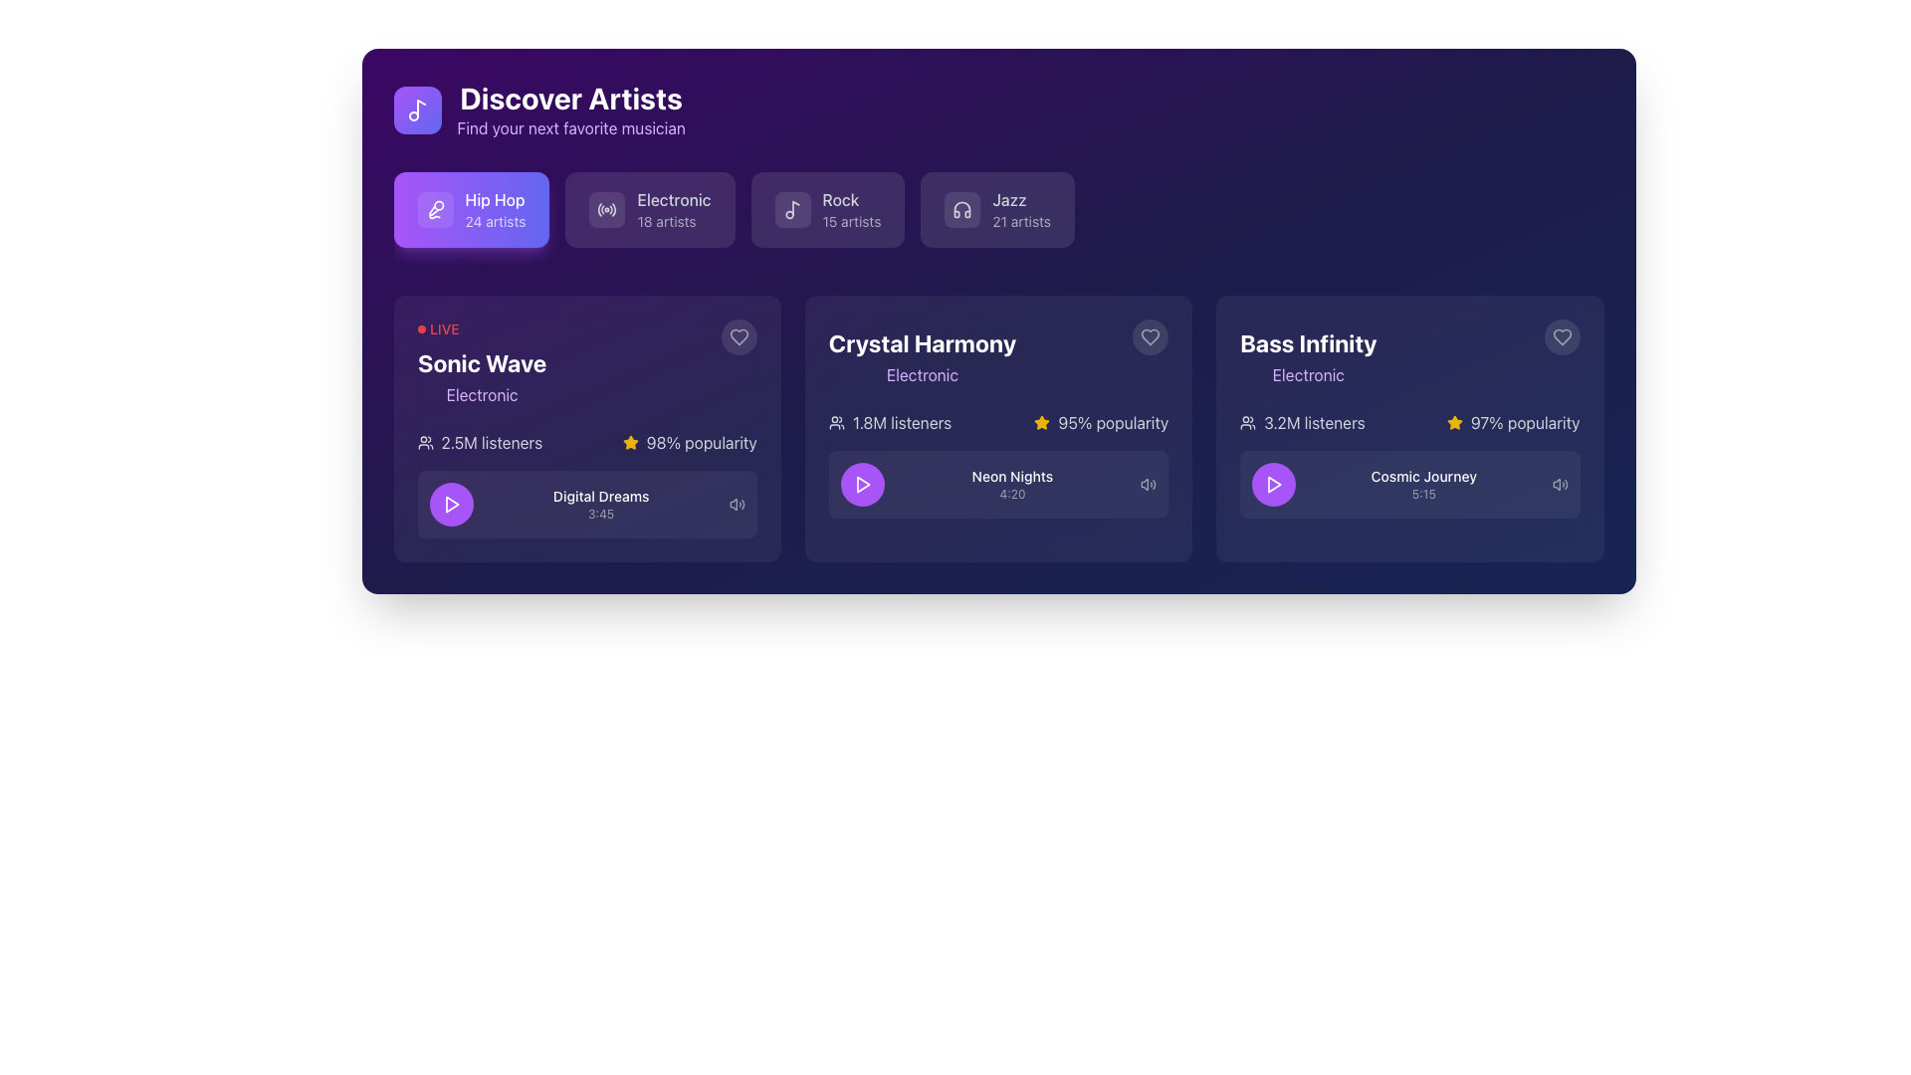 Image resolution: width=1911 pixels, height=1075 pixels. I want to click on the text label displaying '3.2M listeners' which is located in the 'Bass Infinity' section, next to the user icon, so click(1314, 421).